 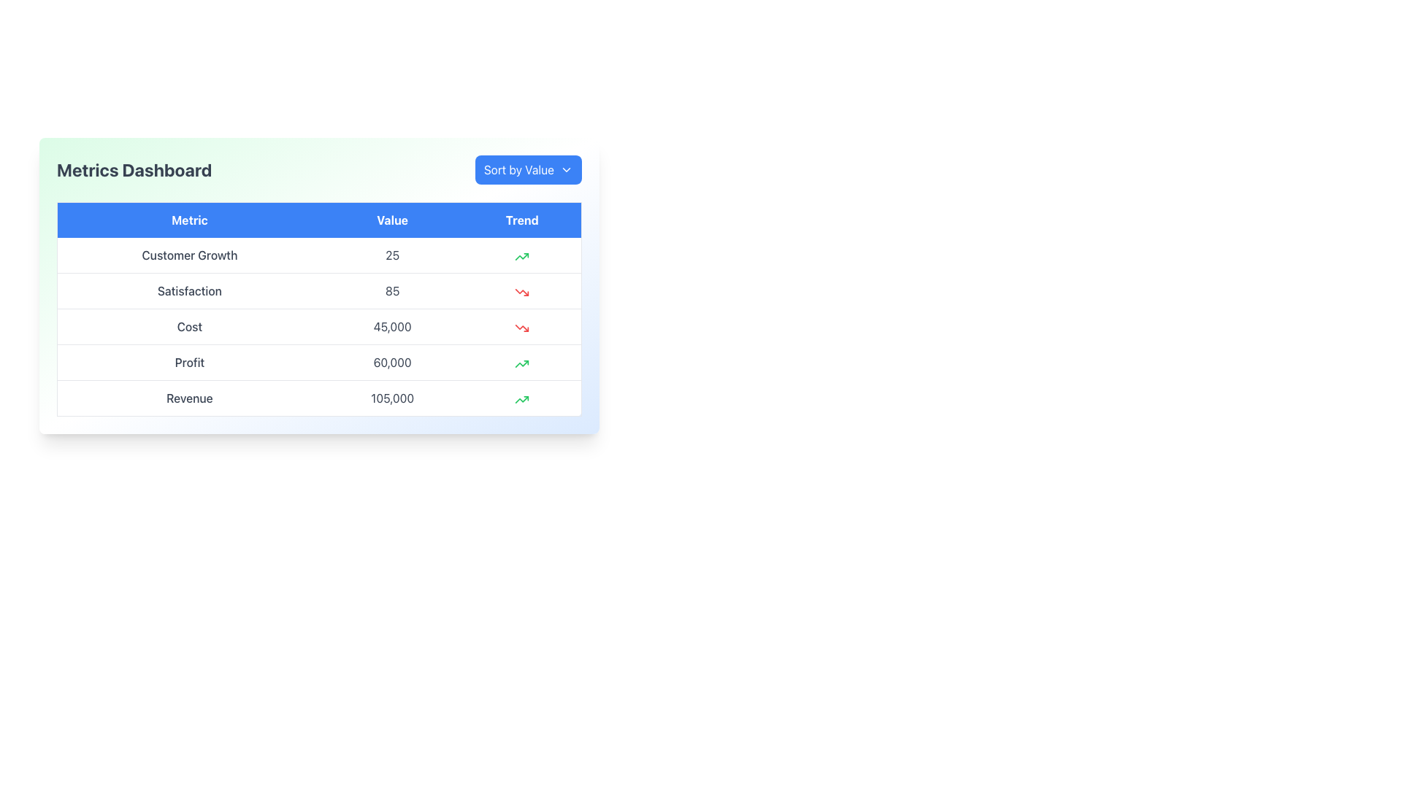 What do you see at coordinates (134, 169) in the screenshot?
I see `text 'Metrics Dashboard' which is styled in bold font and located at the upper-left area of the dashboard interface, just above the tabular area` at bounding box center [134, 169].